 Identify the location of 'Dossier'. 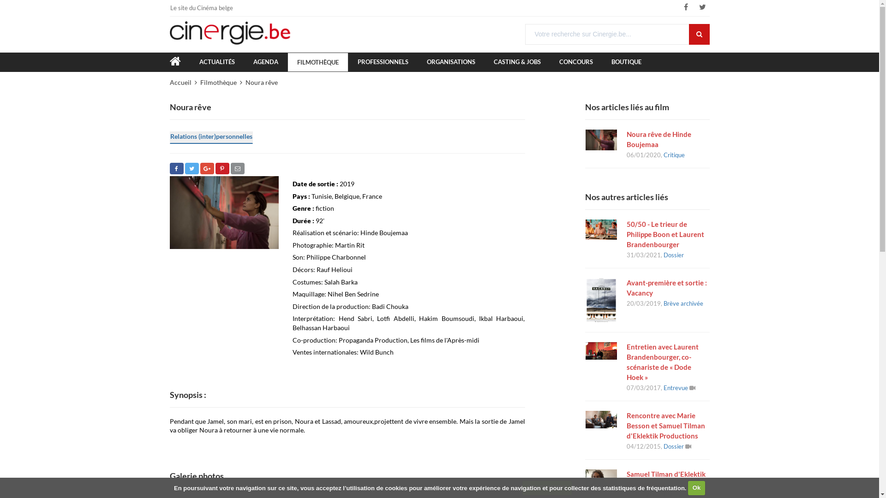
(673, 255).